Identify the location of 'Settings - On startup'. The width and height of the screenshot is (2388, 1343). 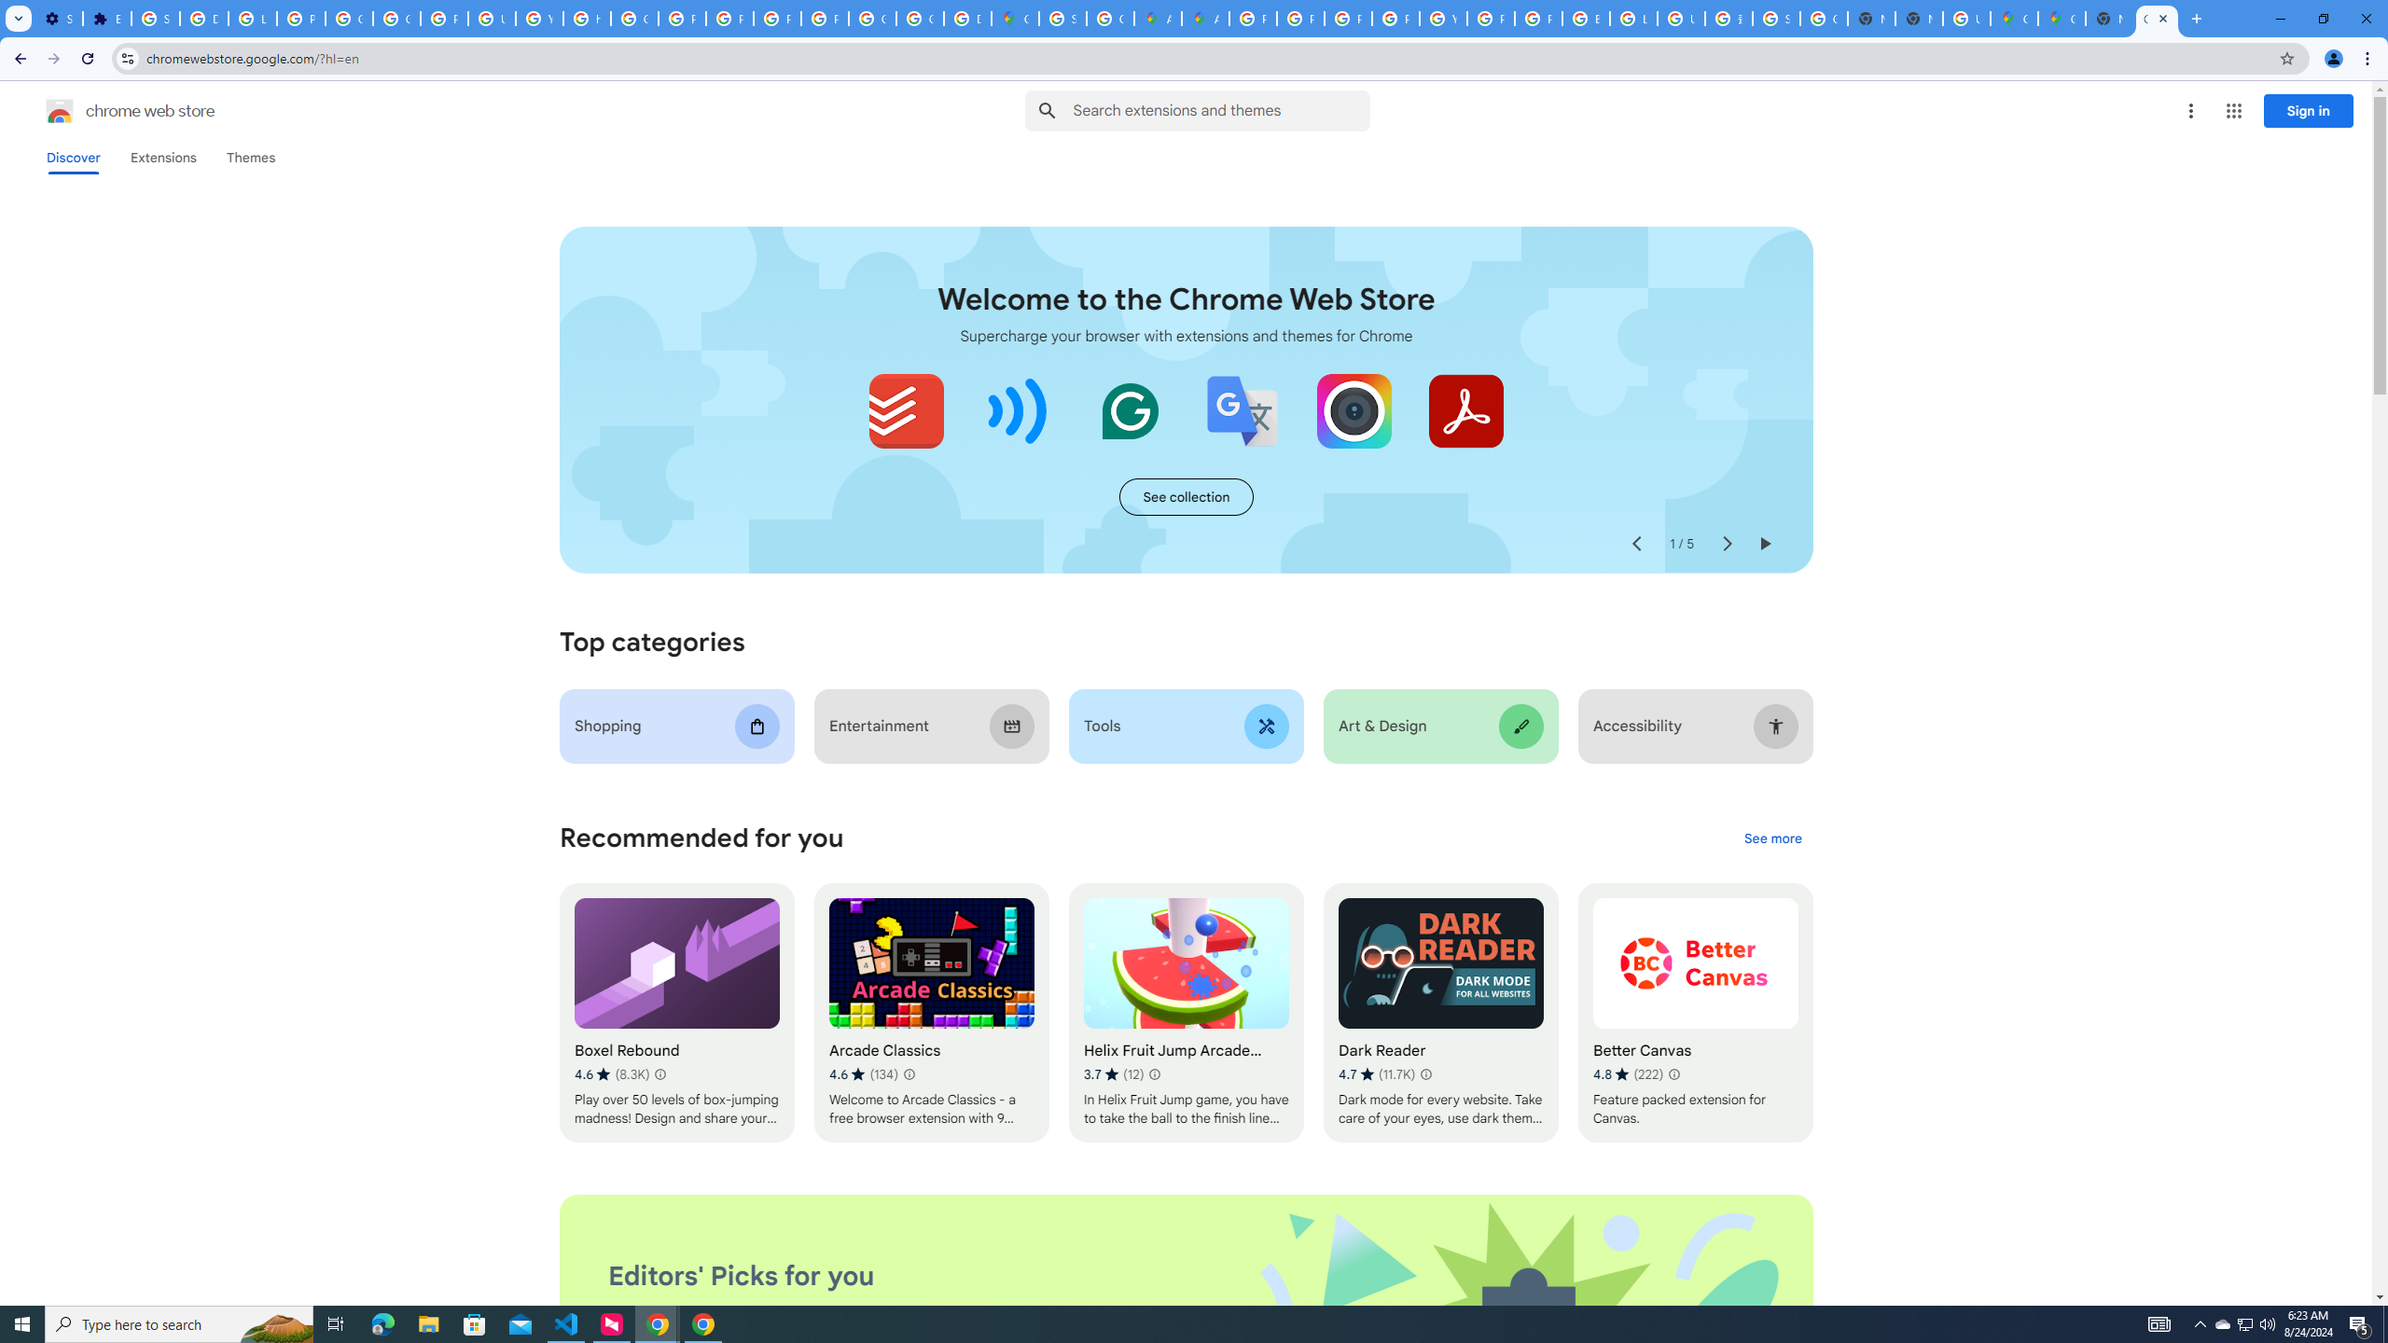
(57, 18).